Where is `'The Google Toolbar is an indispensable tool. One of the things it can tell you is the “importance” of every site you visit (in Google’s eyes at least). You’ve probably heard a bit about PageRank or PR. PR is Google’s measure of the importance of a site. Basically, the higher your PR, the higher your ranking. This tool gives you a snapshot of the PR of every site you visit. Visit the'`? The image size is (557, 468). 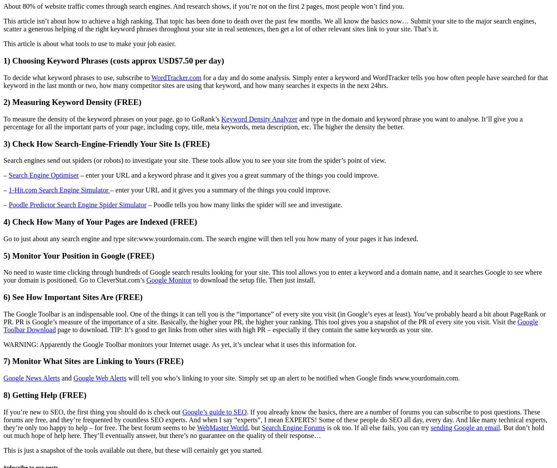 'The Google Toolbar is an indispensable tool. One of the things it can tell you is the “importance” of every site you visit (in Google’s eyes at least). You’ve probably heard a bit about PageRank or PR. PR is Google’s measure of the importance of a site. Basically, the higher your PR, the higher your ranking. This tool gives you a snapshot of the PR of every site you visit. Visit the' is located at coordinates (274, 317).